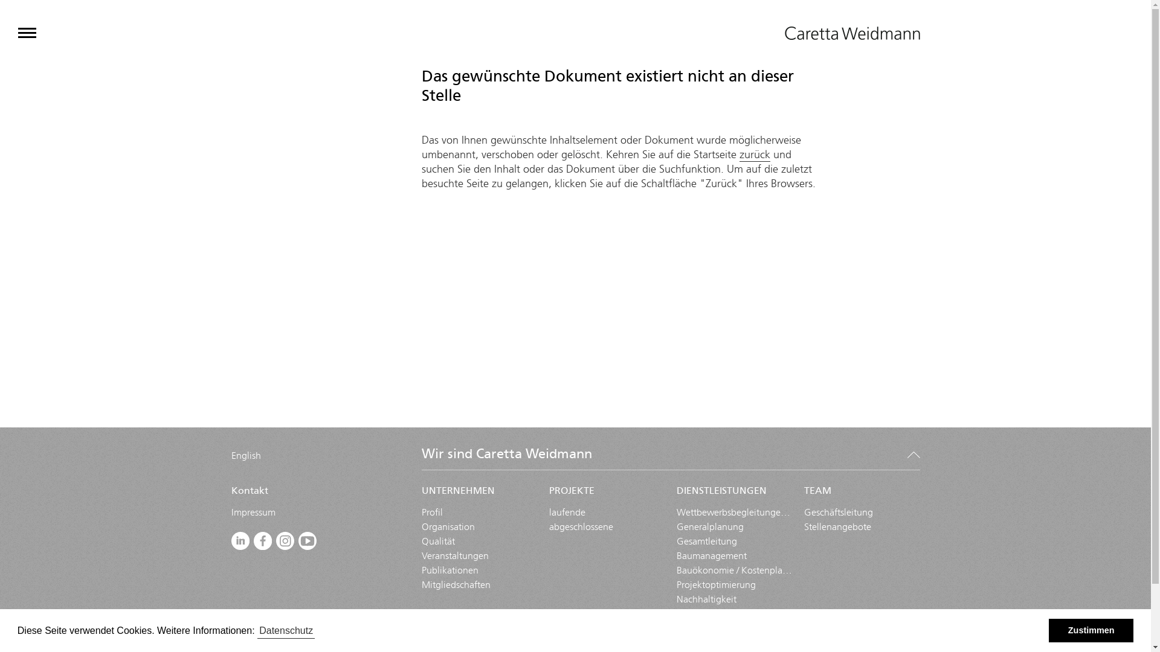  Describe the element at coordinates (913, 455) in the screenshot. I see `'Nach oben'` at that location.